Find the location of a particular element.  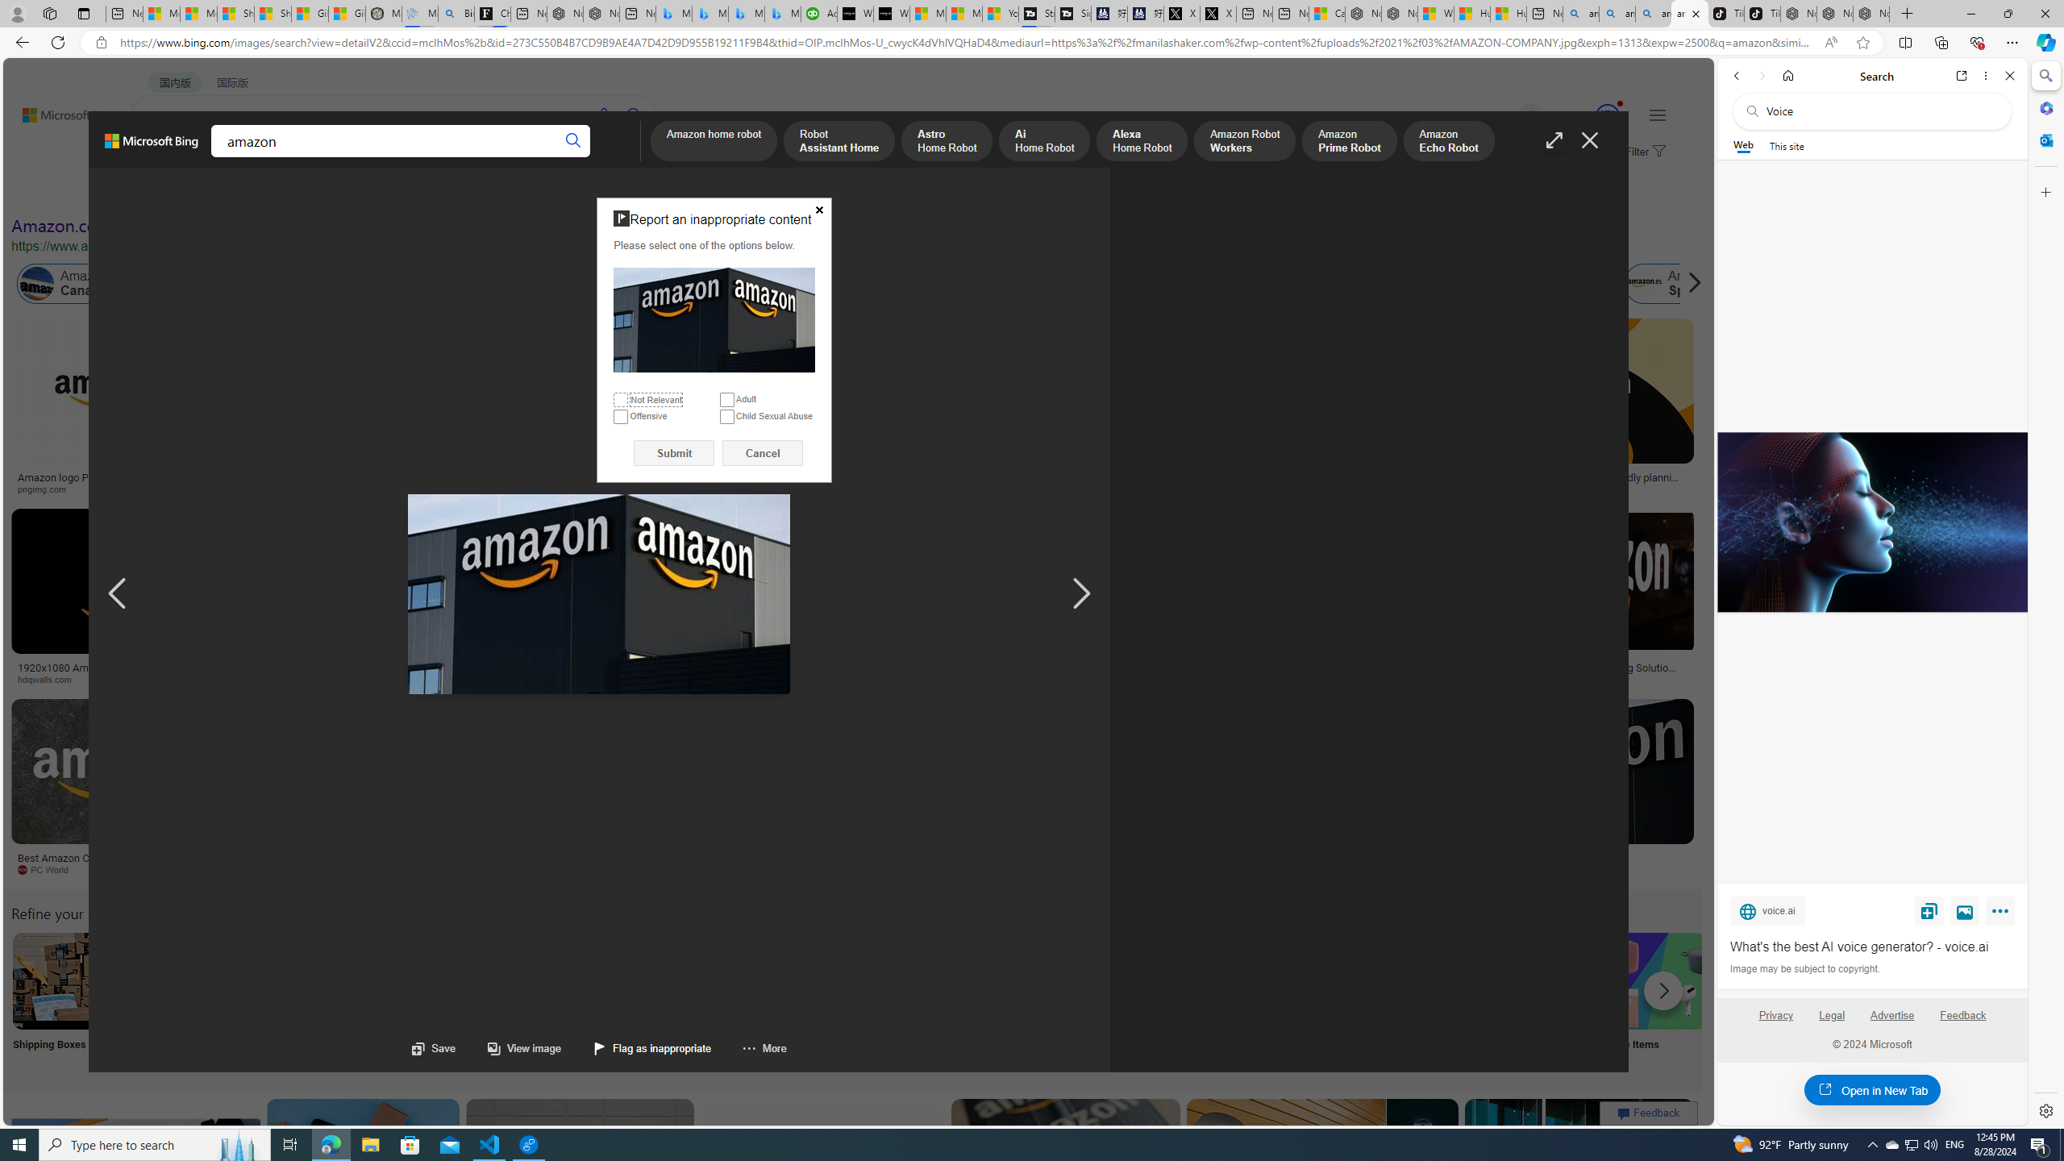

'Side bar' is located at coordinates (2045, 593).